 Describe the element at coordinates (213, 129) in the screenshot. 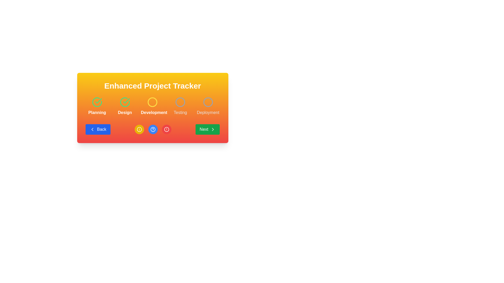

I see `the visual indication of the 'Next' action represented by the icon within the green button labeled 'Next' located at the bottom right corner of the project tracker interface` at that location.